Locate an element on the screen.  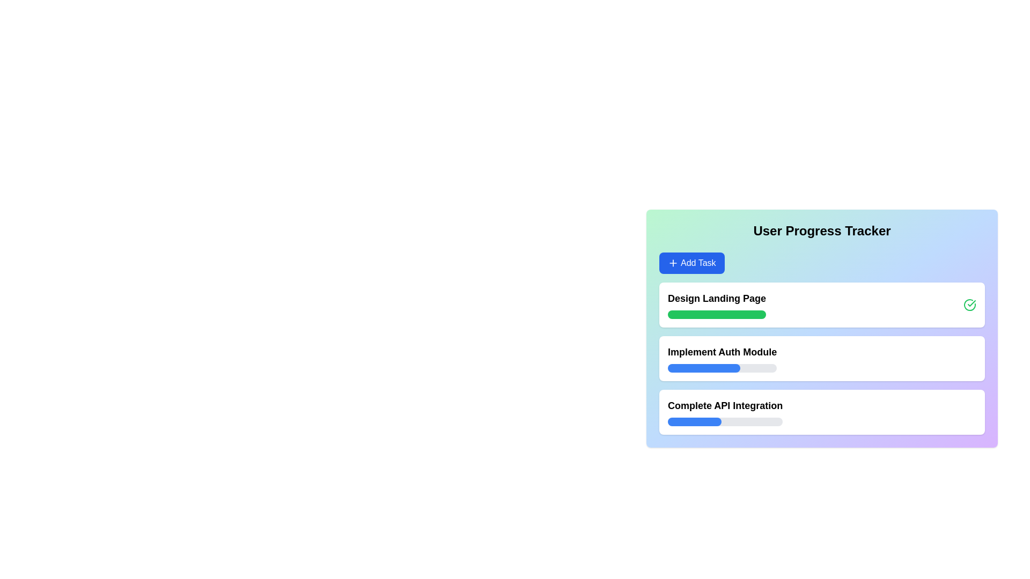
the text label that serves as the header or title for a task card, located above a green progress bar and centered horizontally within the task card is located at coordinates (717, 298).